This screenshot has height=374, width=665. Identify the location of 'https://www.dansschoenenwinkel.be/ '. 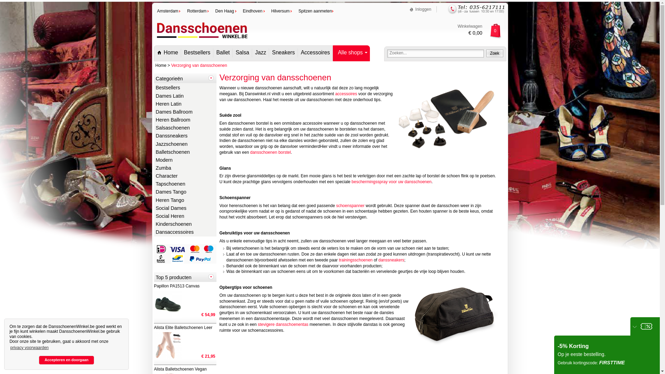
(201, 41).